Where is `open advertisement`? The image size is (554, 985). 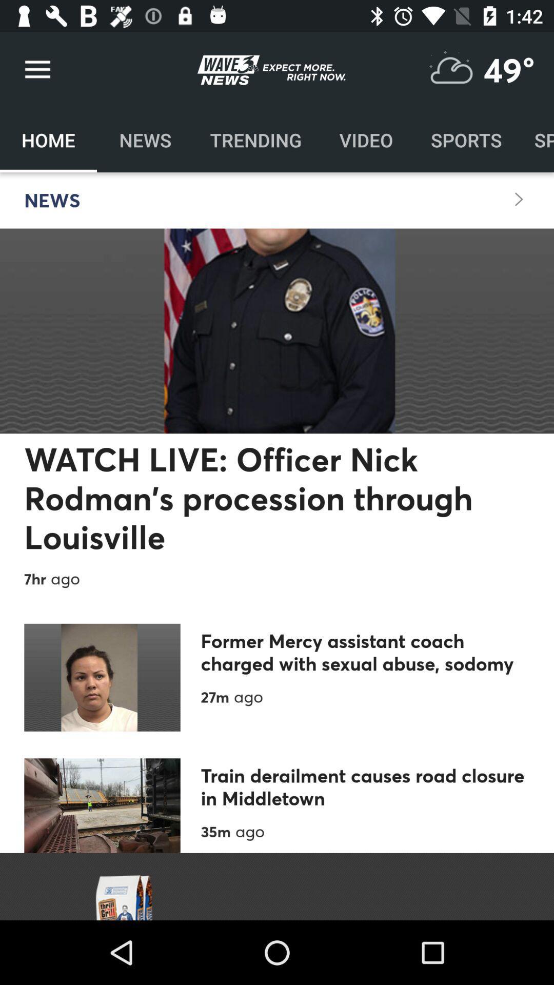 open advertisement is located at coordinates (277, 886).